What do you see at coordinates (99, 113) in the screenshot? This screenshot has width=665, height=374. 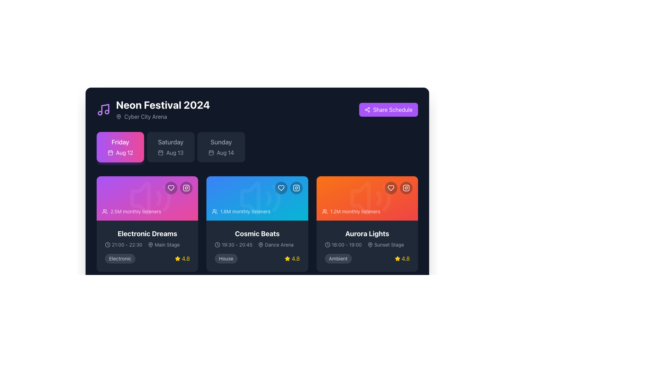 I see `the small circular shape styled as a point in the music icon, which is part of the grouped component with purple hues, located to the left of the header text 'Neon Festival 2024'` at bounding box center [99, 113].